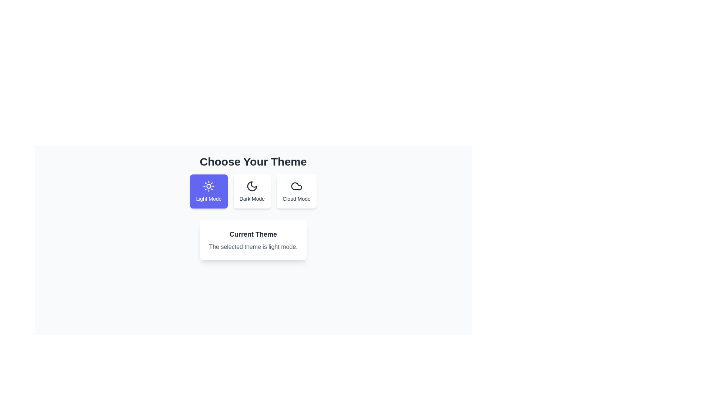 This screenshot has width=711, height=400. Describe the element at coordinates (252, 191) in the screenshot. I see `the theme by clicking on the respective button for Dark Mode` at that location.